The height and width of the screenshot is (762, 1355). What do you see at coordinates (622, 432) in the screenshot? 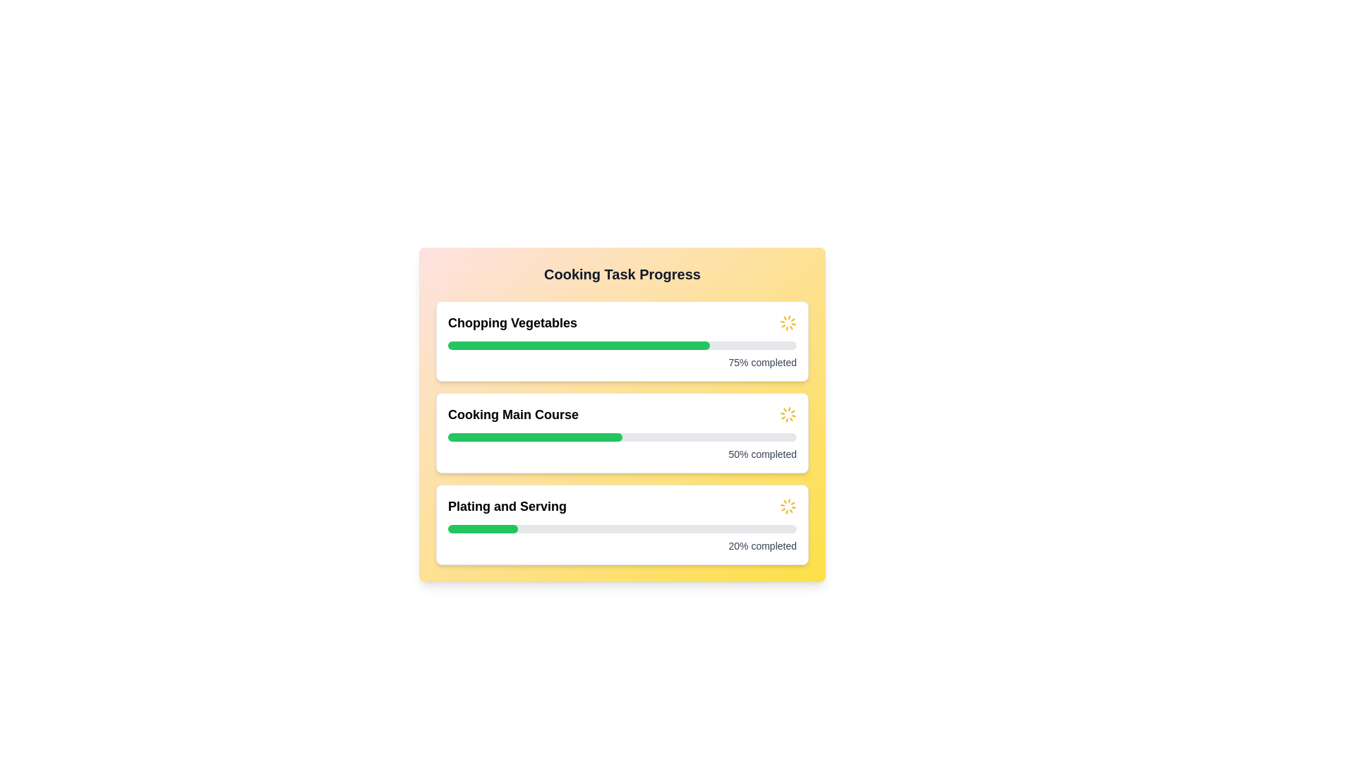
I see `the Progress Indicator, which is a vertical stack of three progress sections representing cooking tasks, located below 'Chopping Vegetables' and above 'Plating and Serving'` at bounding box center [622, 432].